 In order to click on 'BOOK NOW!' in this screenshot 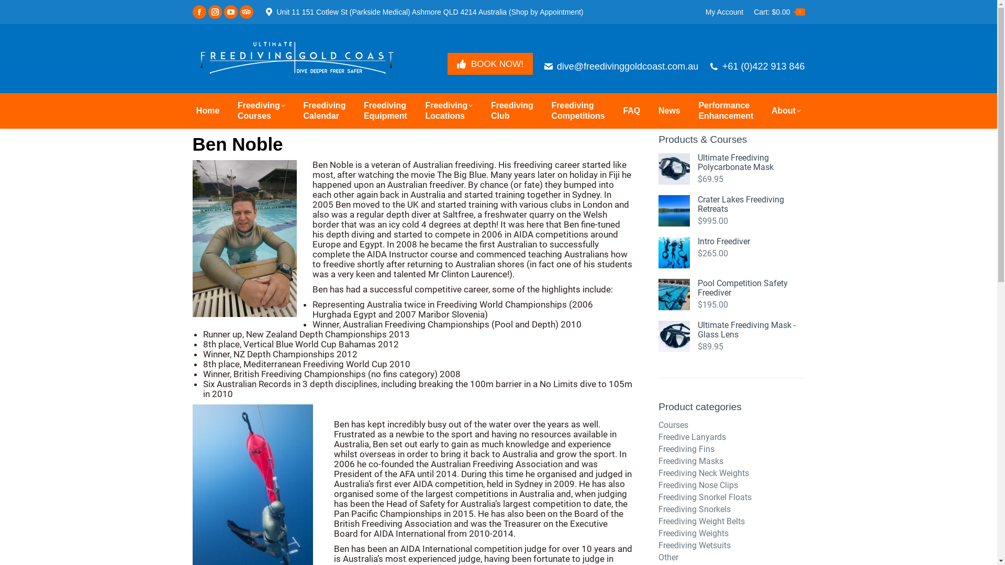, I will do `click(489, 64)`.